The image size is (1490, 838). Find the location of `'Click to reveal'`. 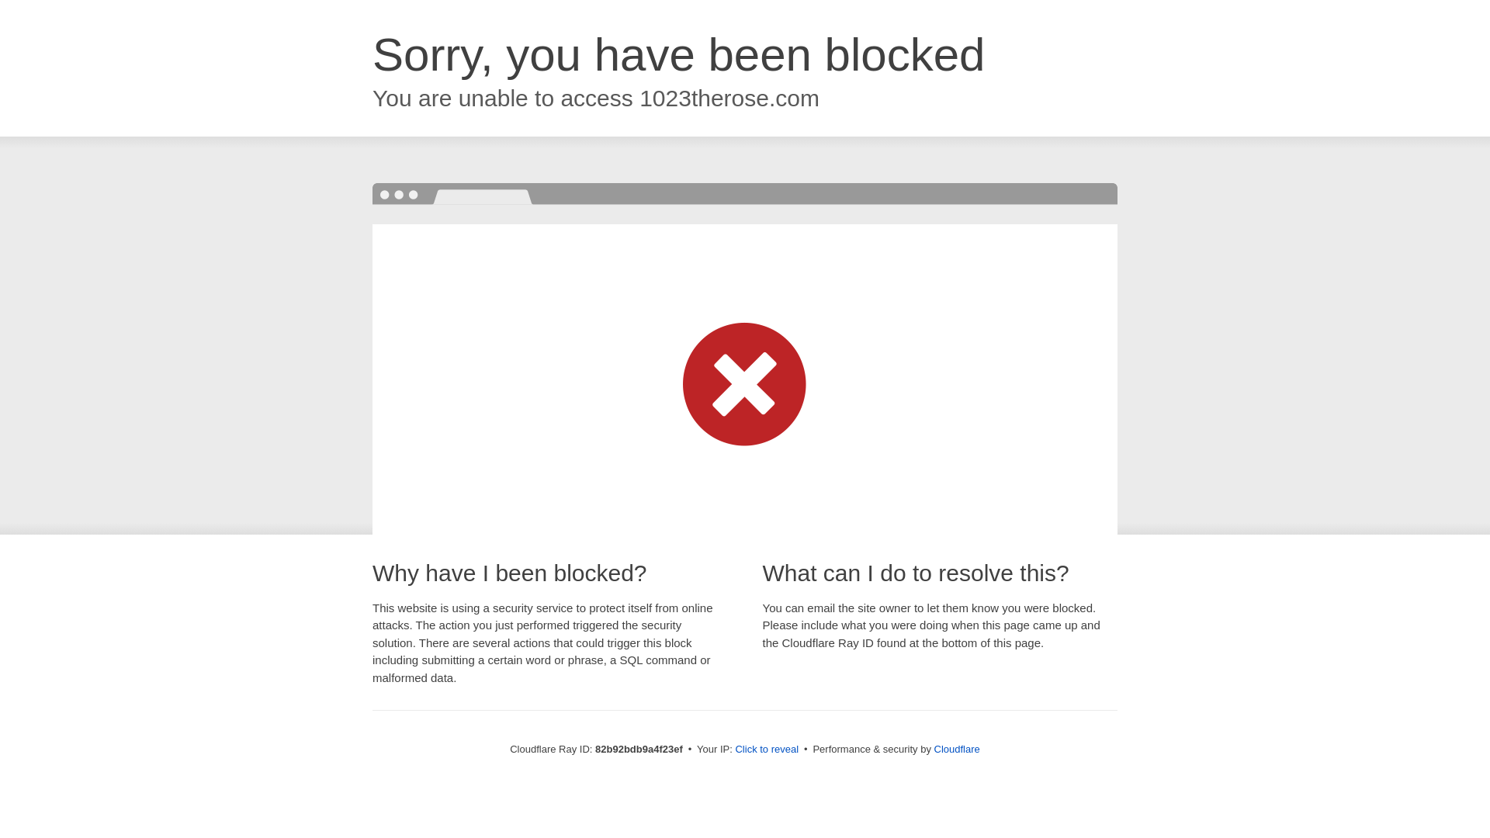

'Click to reveal' is located at coordinates (733, 748).